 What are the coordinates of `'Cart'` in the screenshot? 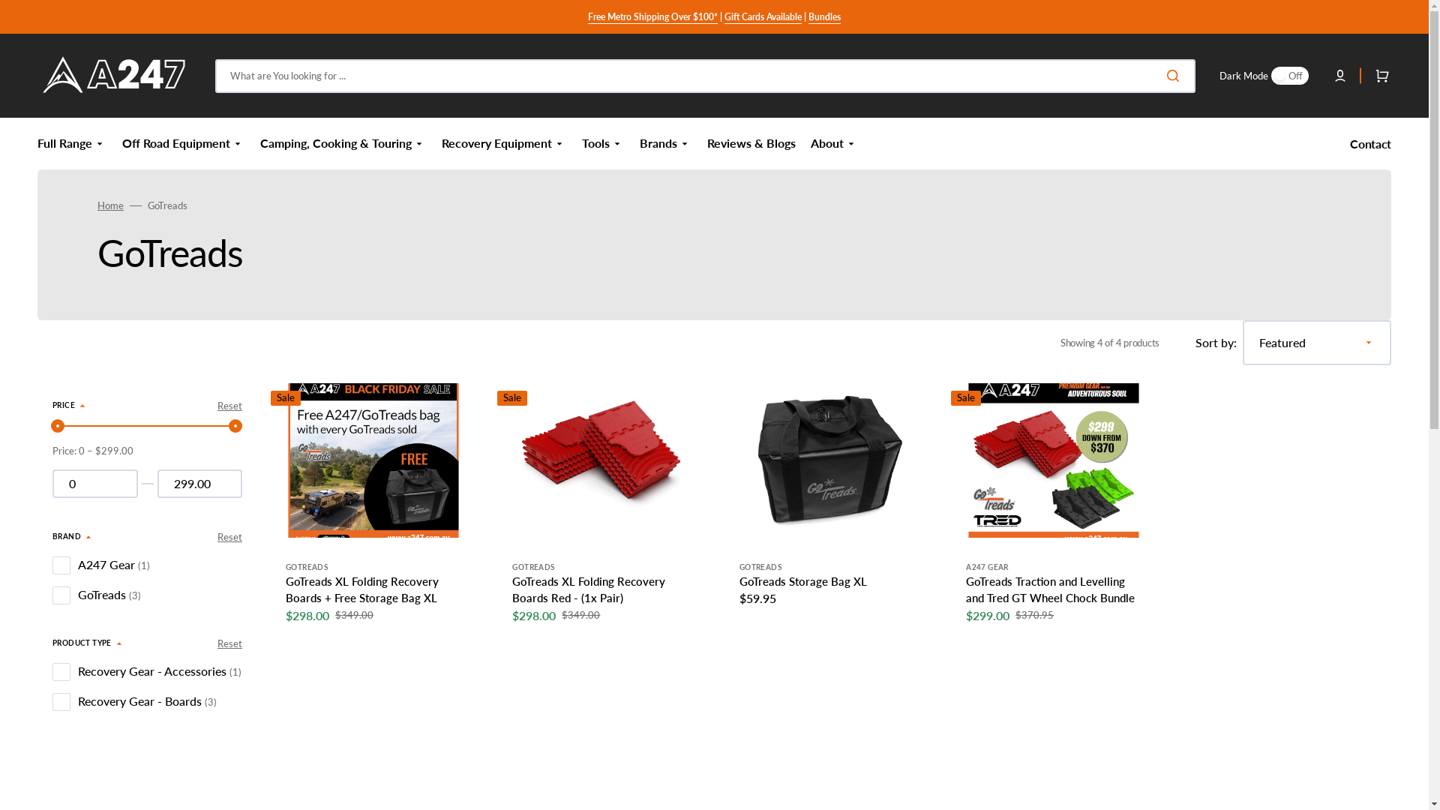 It's located at (1360, 75).